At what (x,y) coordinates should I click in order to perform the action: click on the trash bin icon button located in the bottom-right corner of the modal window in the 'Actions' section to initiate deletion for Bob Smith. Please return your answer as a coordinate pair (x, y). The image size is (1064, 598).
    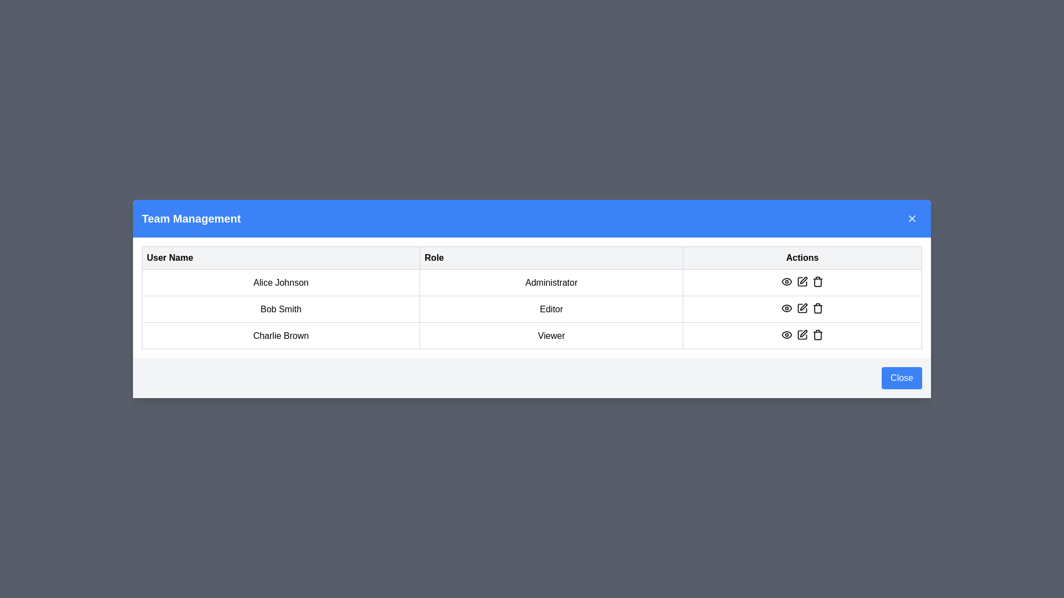
    Looking at the image, I should click on (818, 309).